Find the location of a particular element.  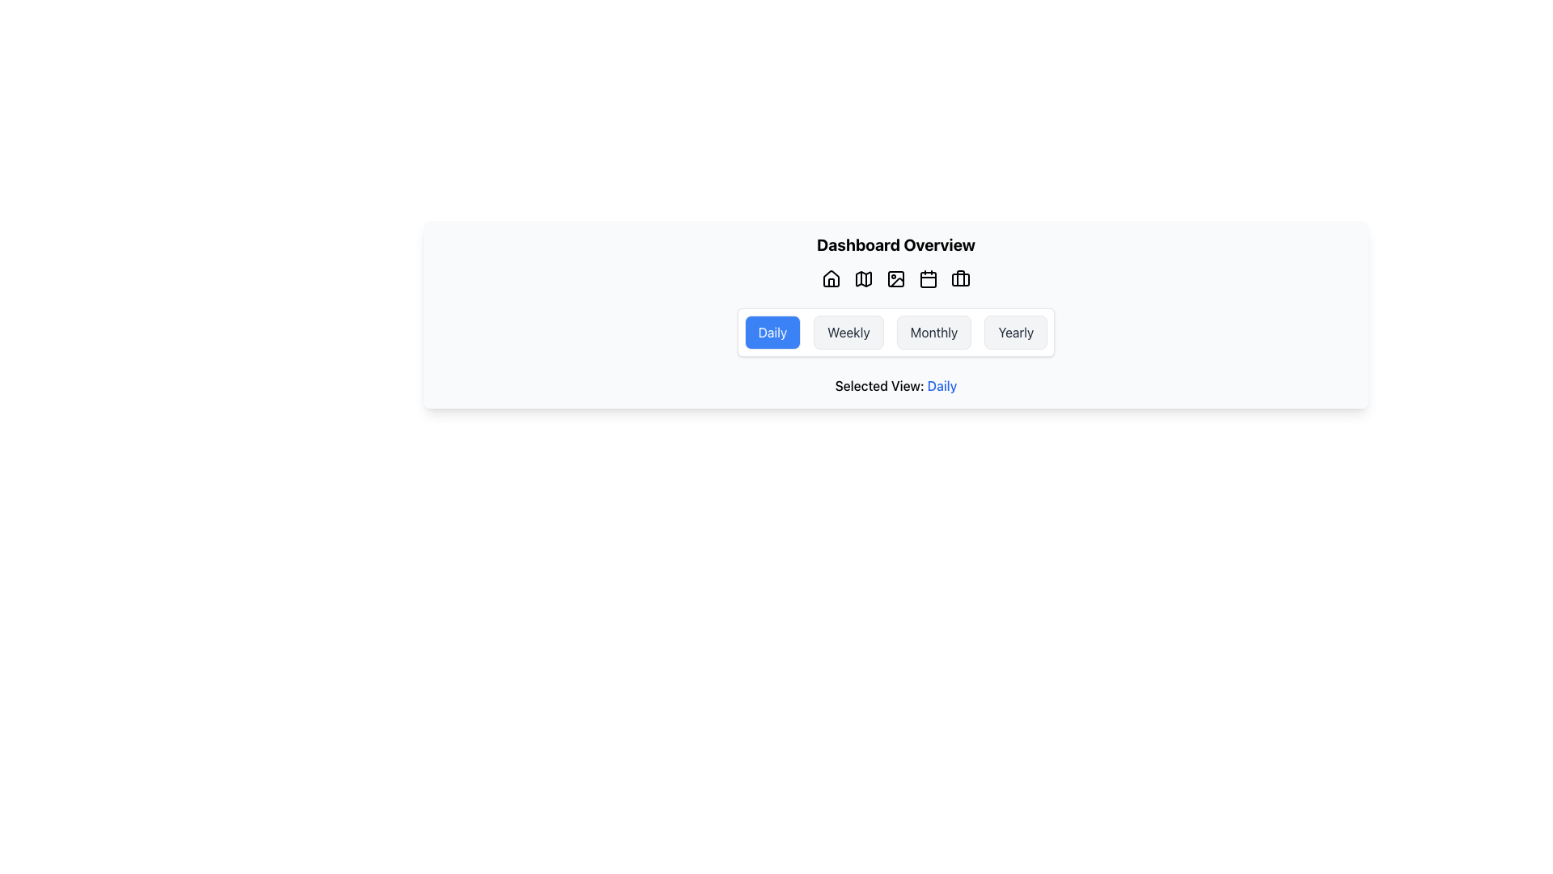

the 'Monthly' button is located at coordinates (934, 332).